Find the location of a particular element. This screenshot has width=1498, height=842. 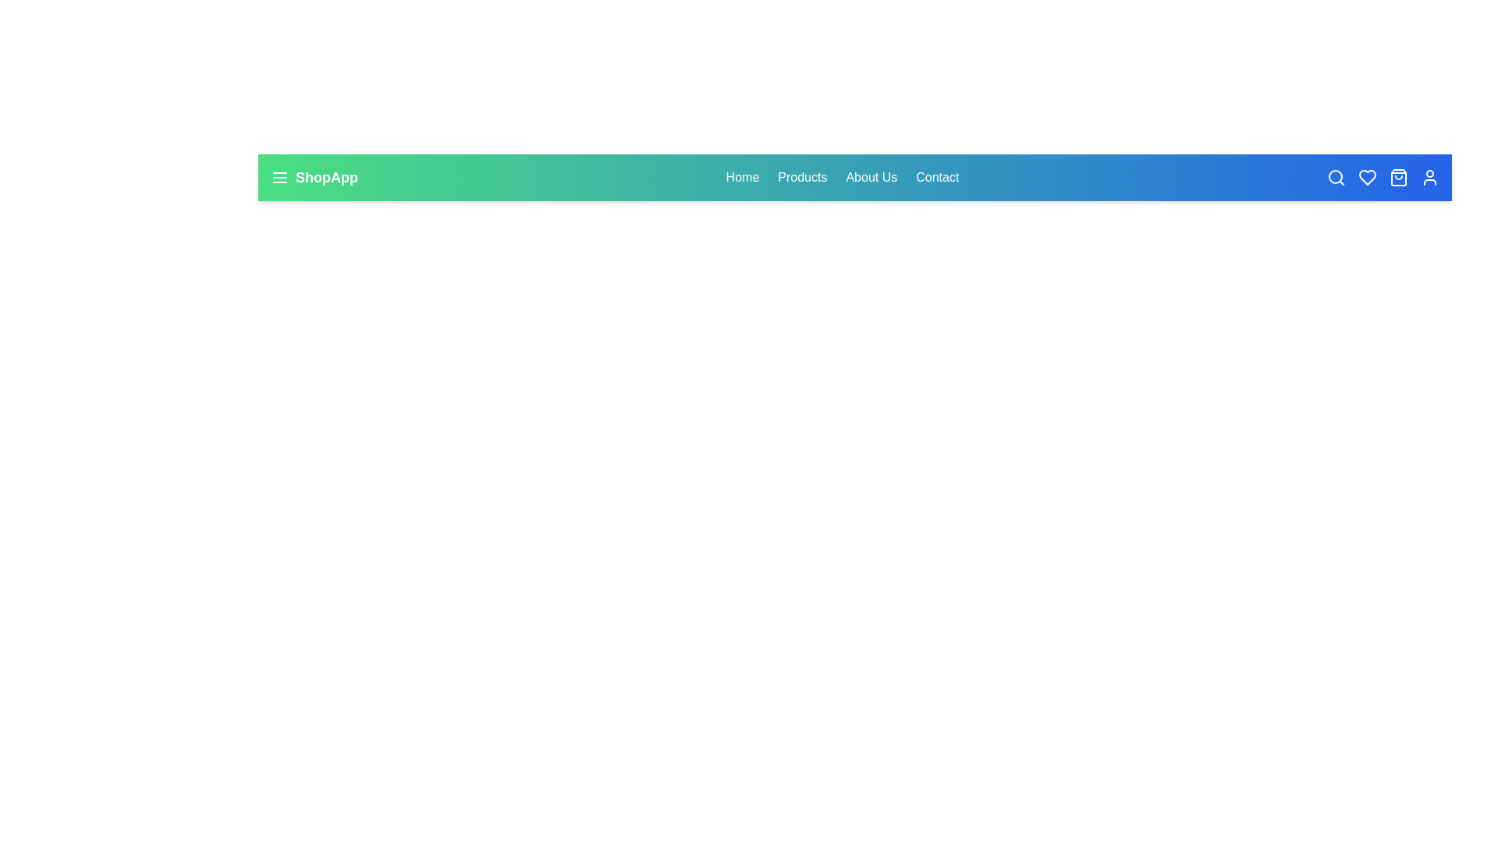

the shopping bag icon to view the shopping cart is located at coordinates (1398, 176).